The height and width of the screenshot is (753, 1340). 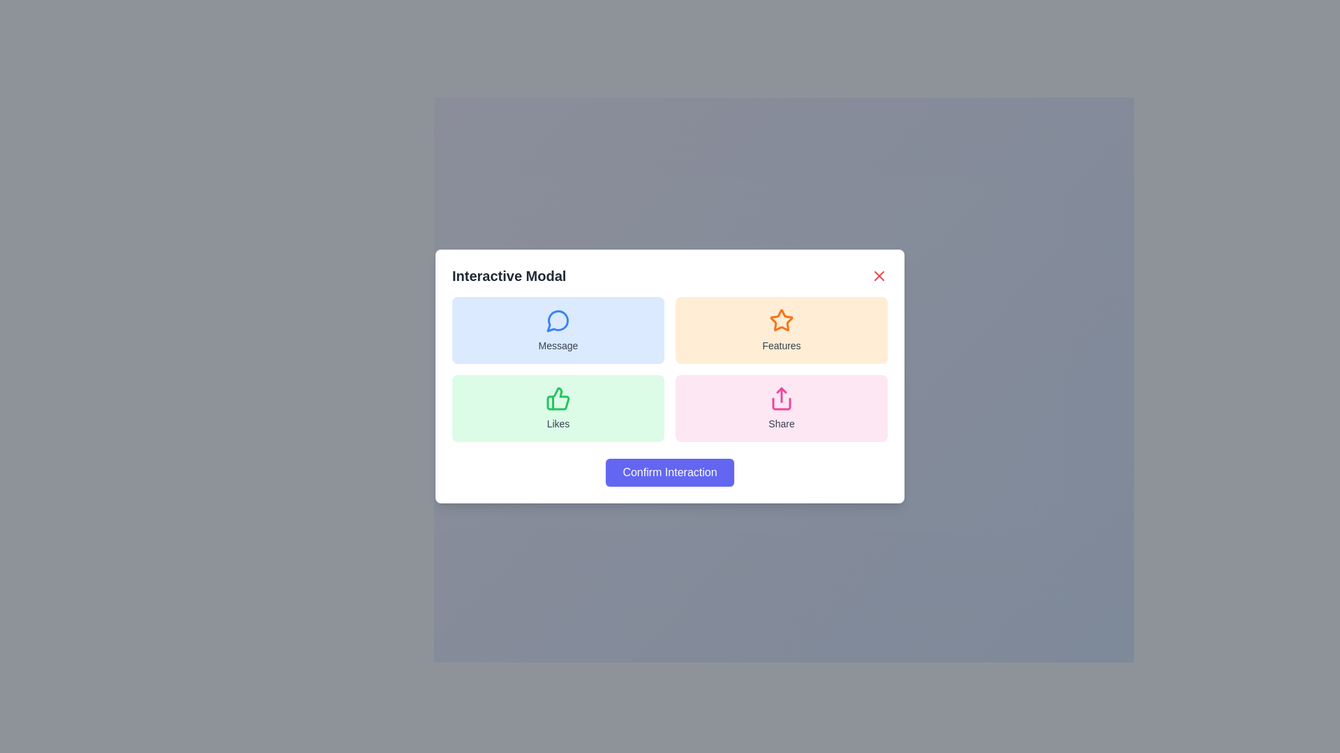 What do you see at coordinates (780, 320) in the screenshot?
I see `the star icon representing the 'Features' option within the modal, located at the top-right quadrant of a 2x2 grid layout` at bounding box center [780, 320].